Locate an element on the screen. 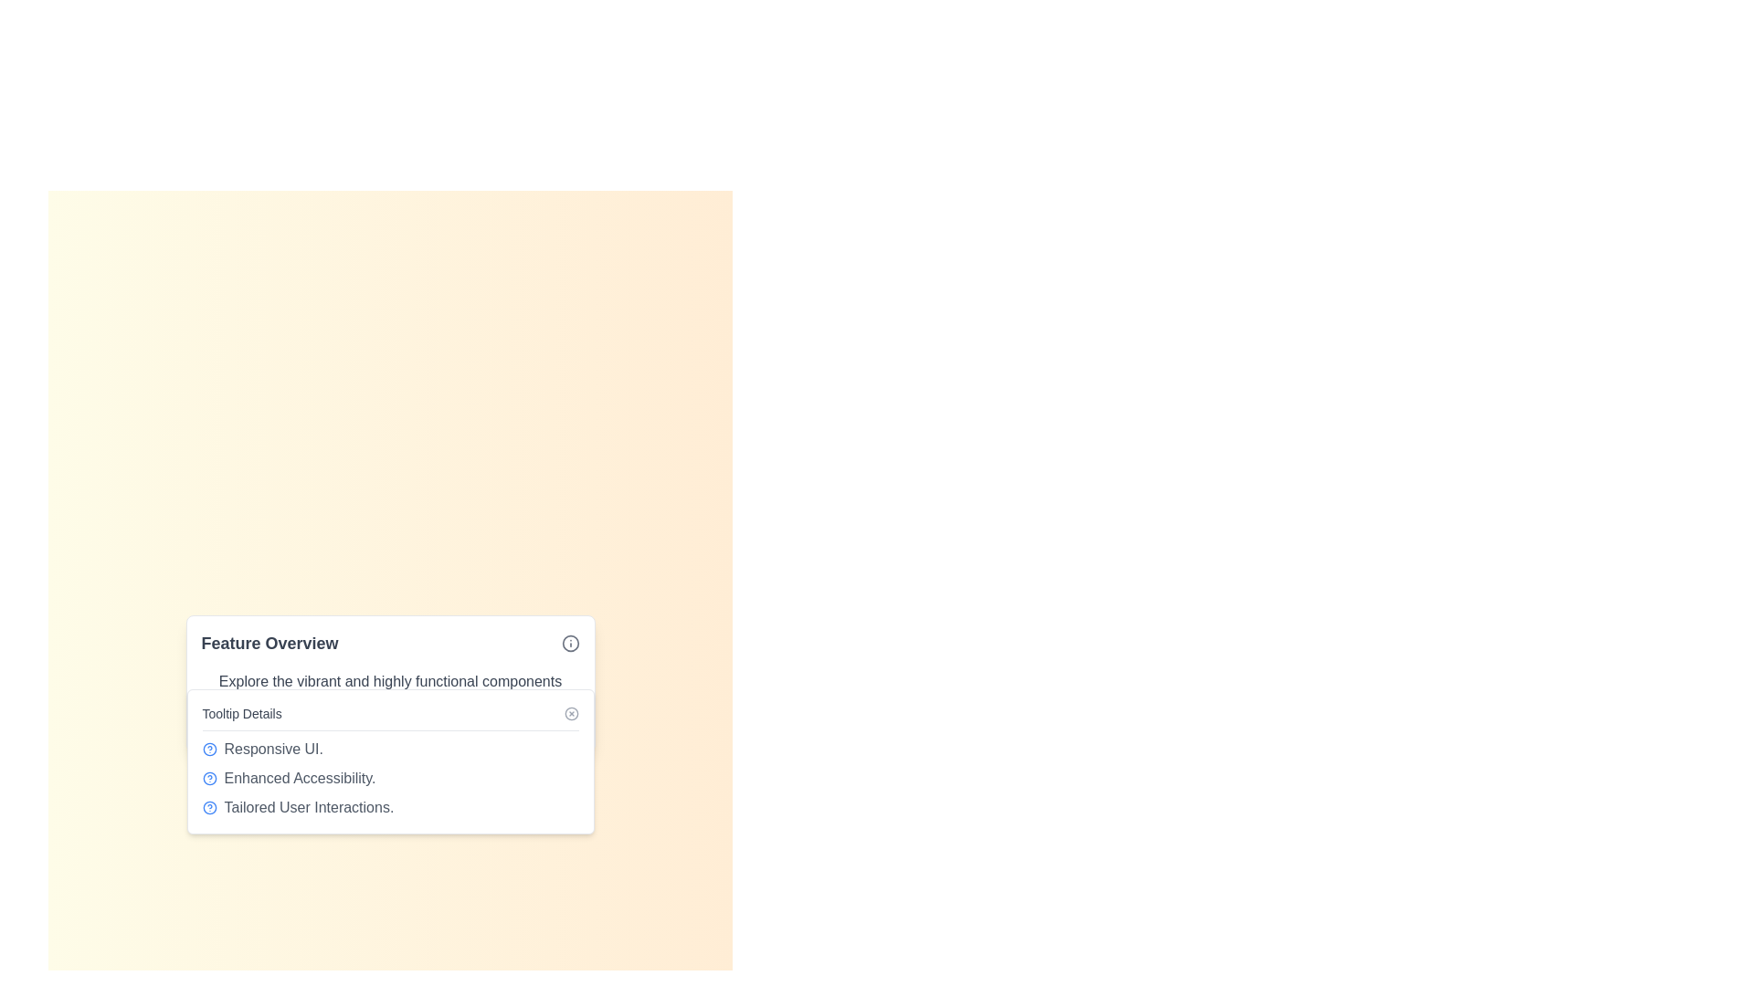 This screenshot has height=986, width=1754. content displayed in the informational panel or card, which provides an overview of the feature's details and benefits is located at coordinates (389, 683).